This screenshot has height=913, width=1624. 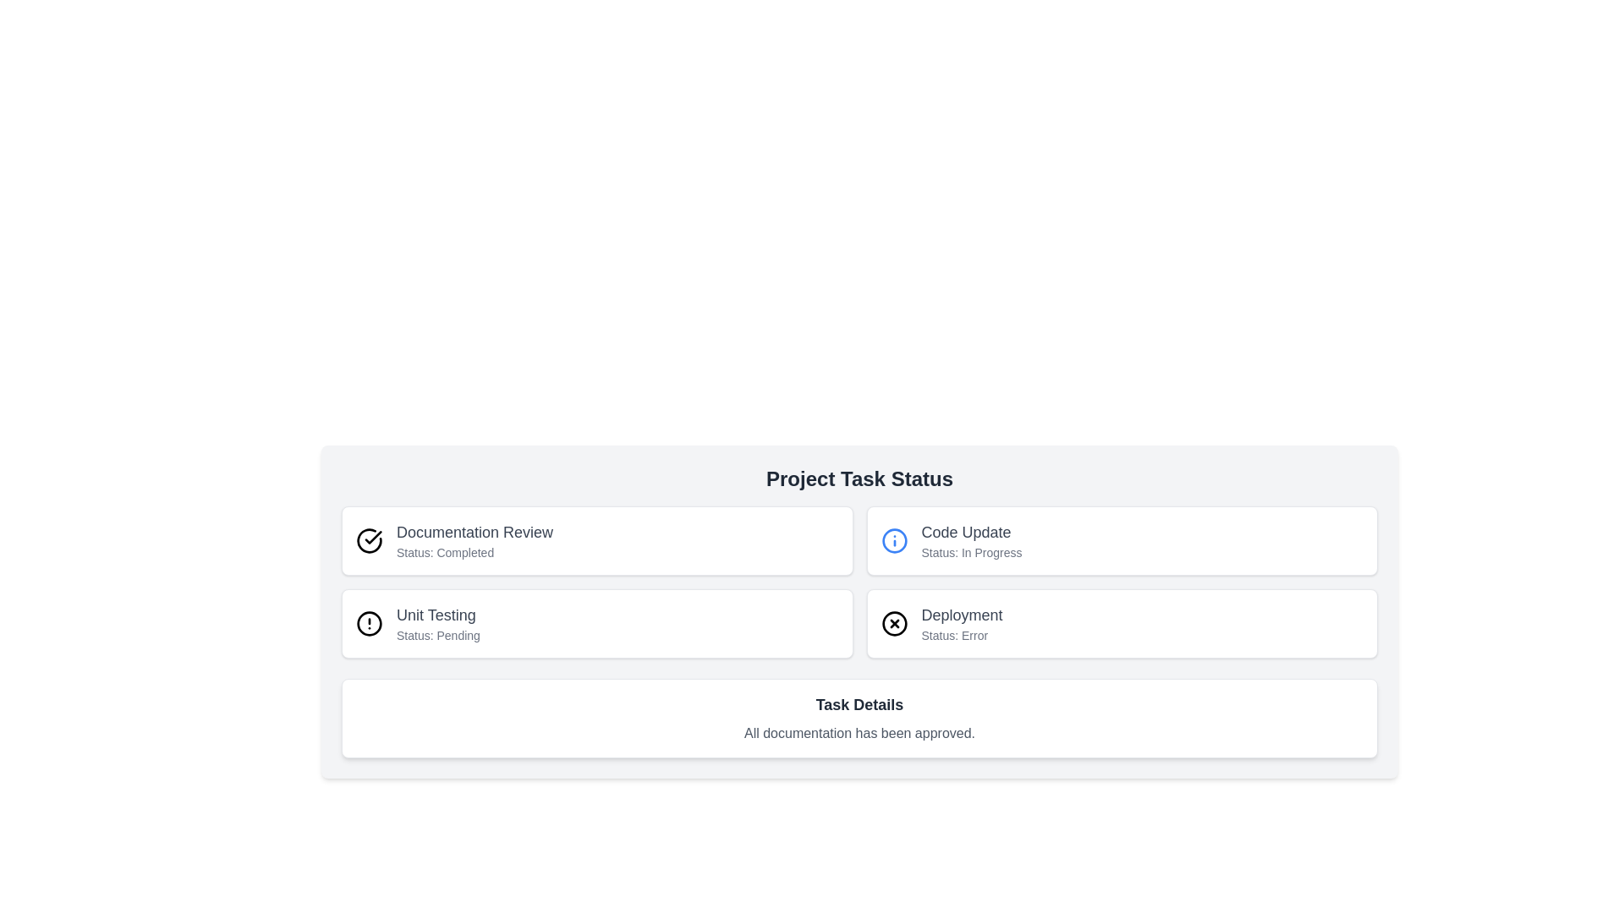 What do you see at coordinates (893, 541) in the screenshot?
I see `the blue circular outline of the circular visual component located within the 'Code Update' status card, positioned towards the center of the circular icon area to the left of the card header` at bounding box center [893, 541].